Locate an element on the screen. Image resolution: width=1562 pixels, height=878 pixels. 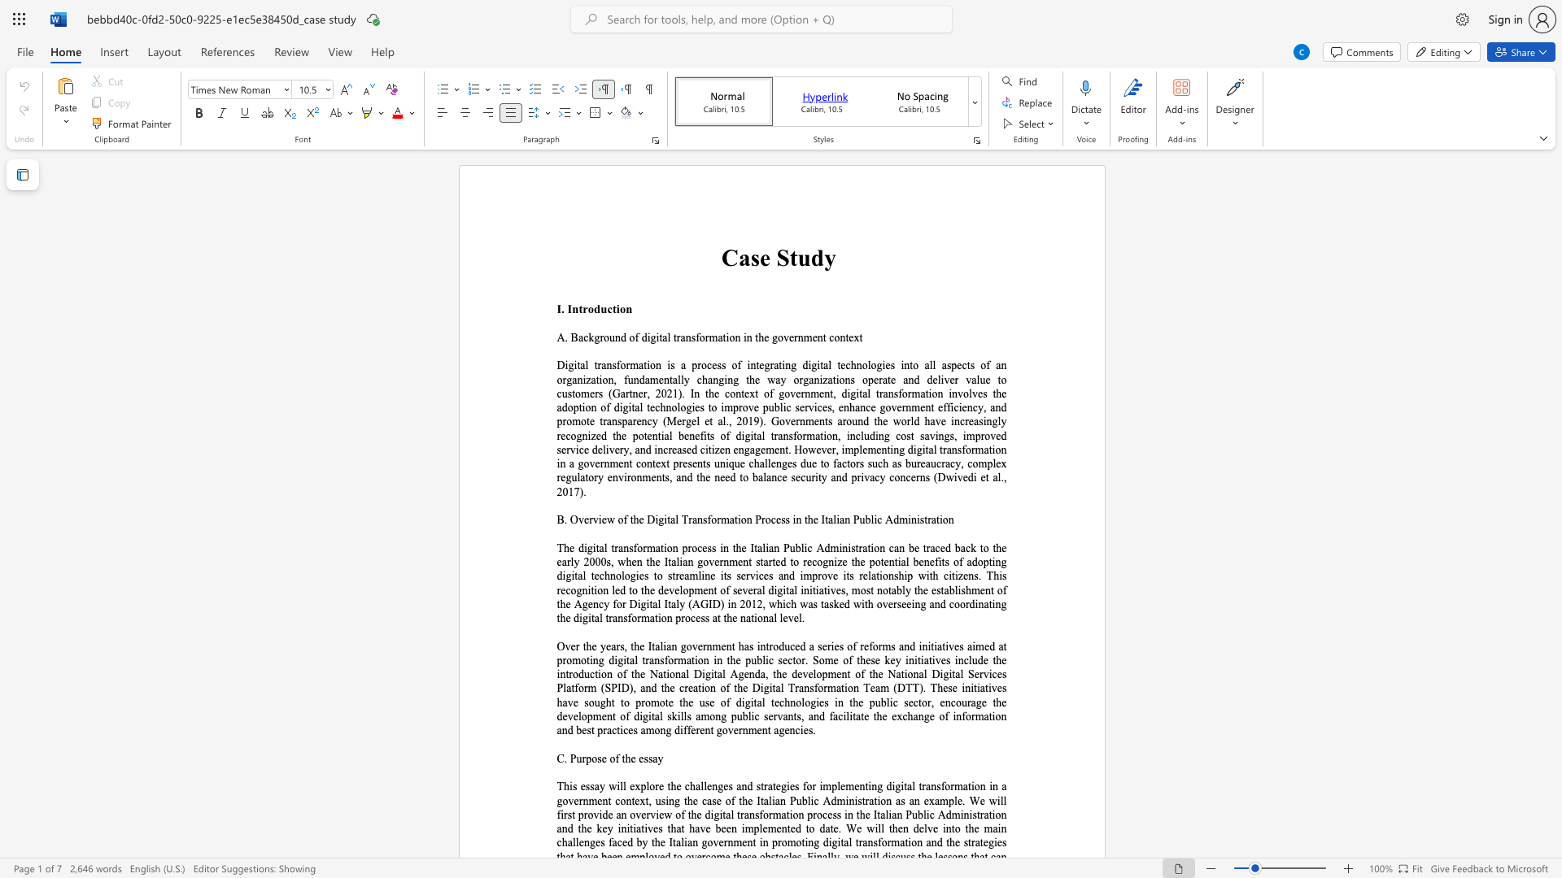
the 2th character "i" in the text is located at coordinates (850, 715).